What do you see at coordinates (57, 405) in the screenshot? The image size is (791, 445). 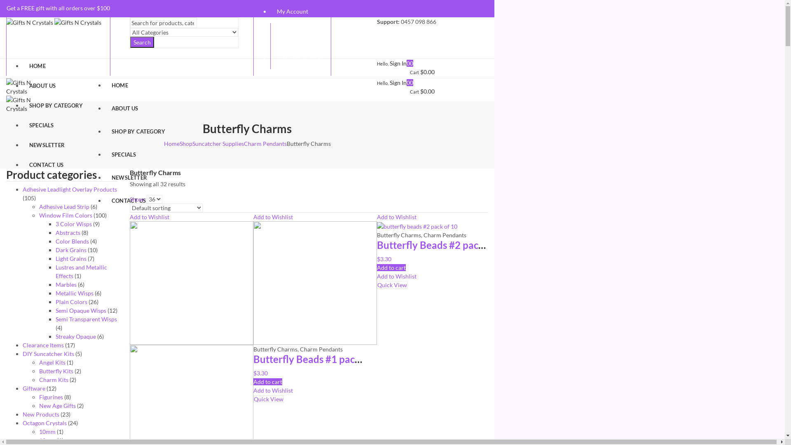 I see `'New Age Gifts'` at bounding box center [57, 405].